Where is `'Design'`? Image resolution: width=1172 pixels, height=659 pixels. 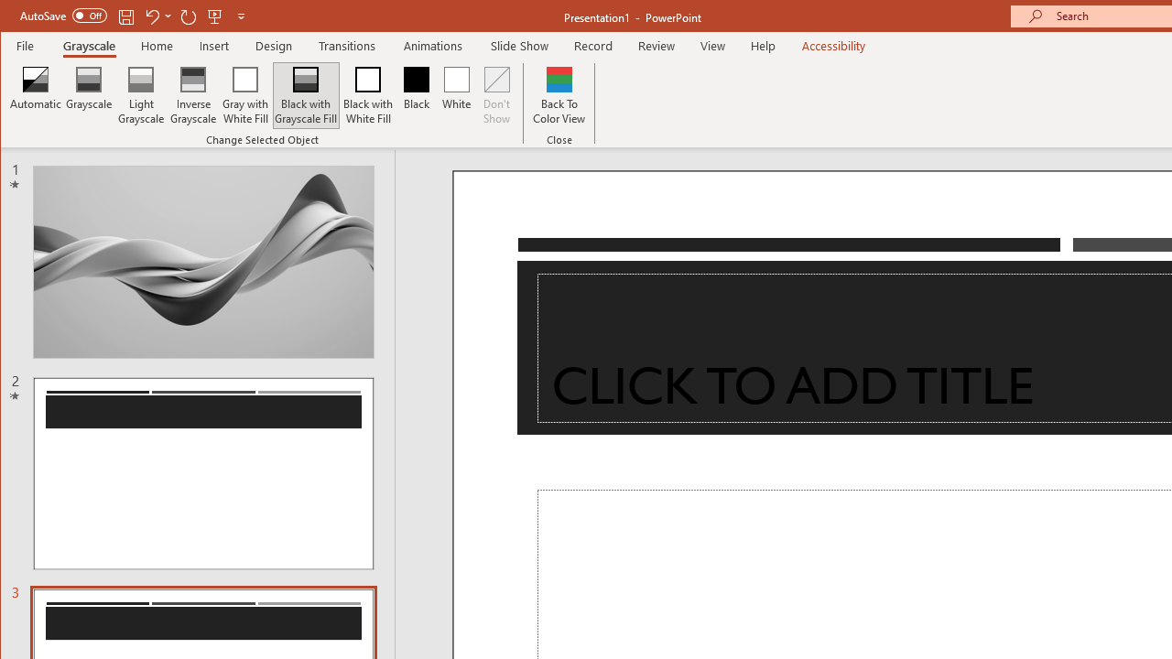 'Design' is located at coordinates (273, 45).